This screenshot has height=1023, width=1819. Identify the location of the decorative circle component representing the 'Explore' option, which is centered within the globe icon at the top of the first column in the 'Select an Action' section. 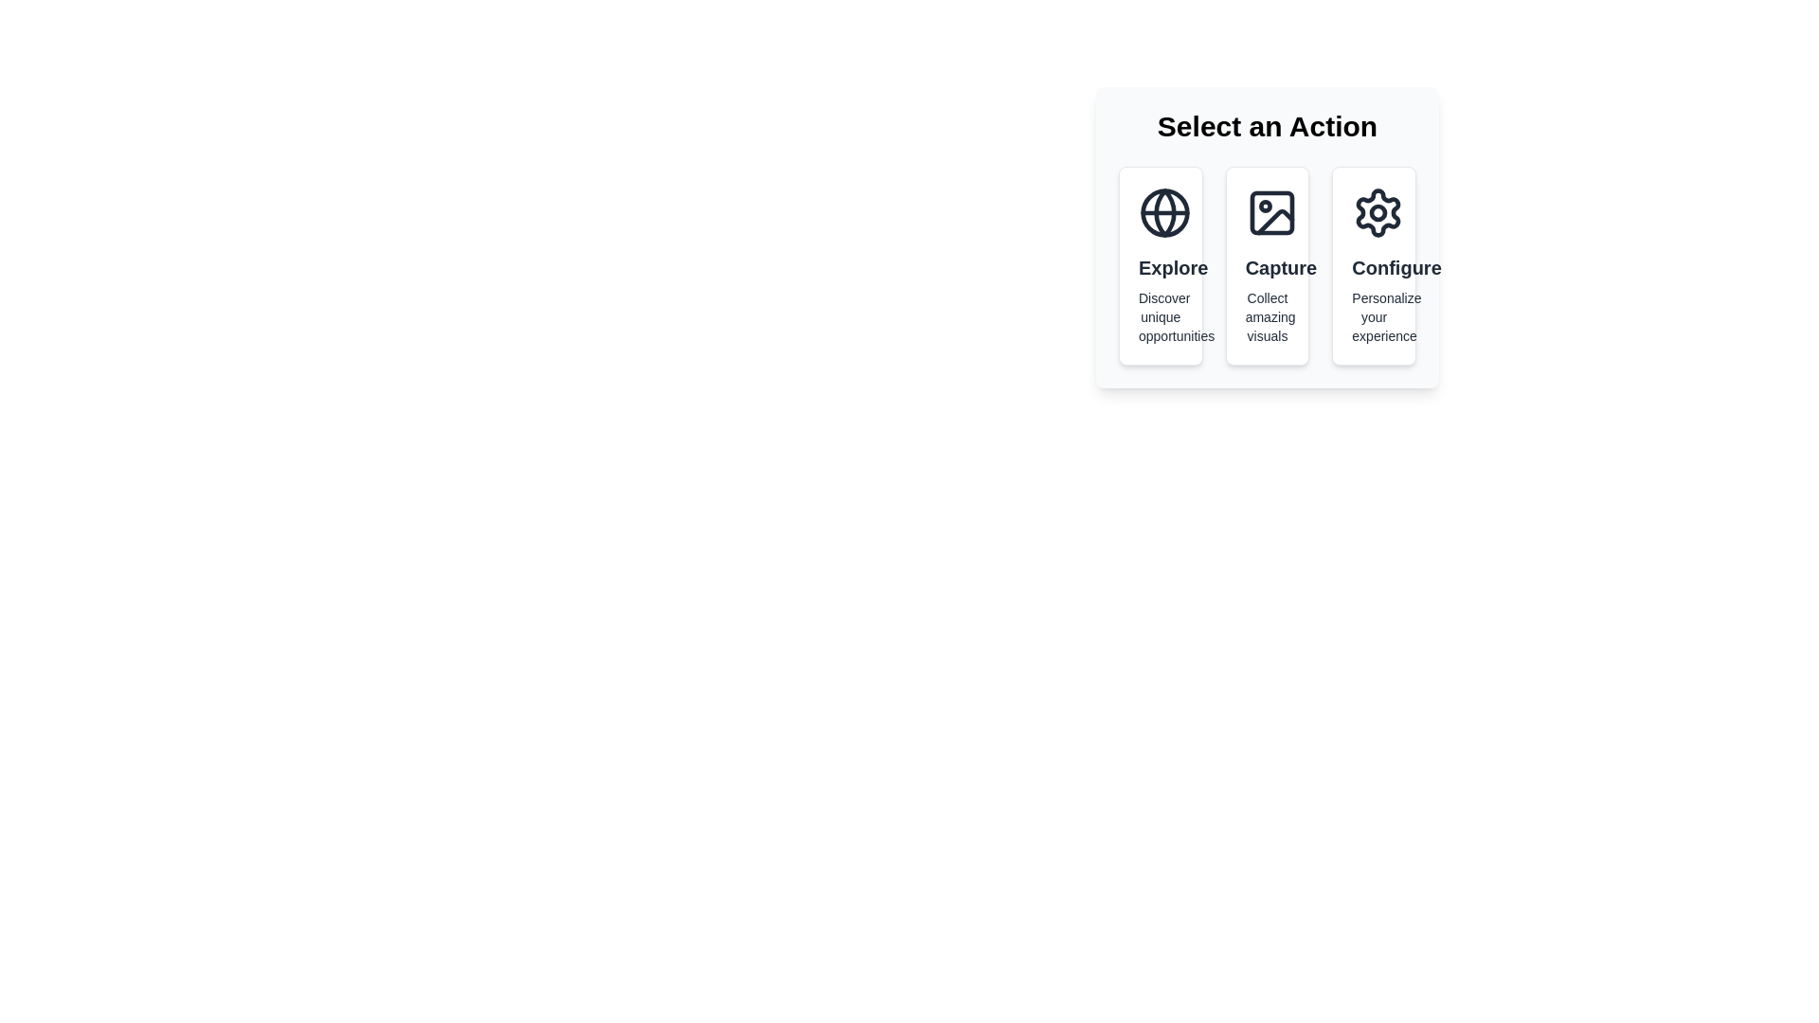
(1163, 212).